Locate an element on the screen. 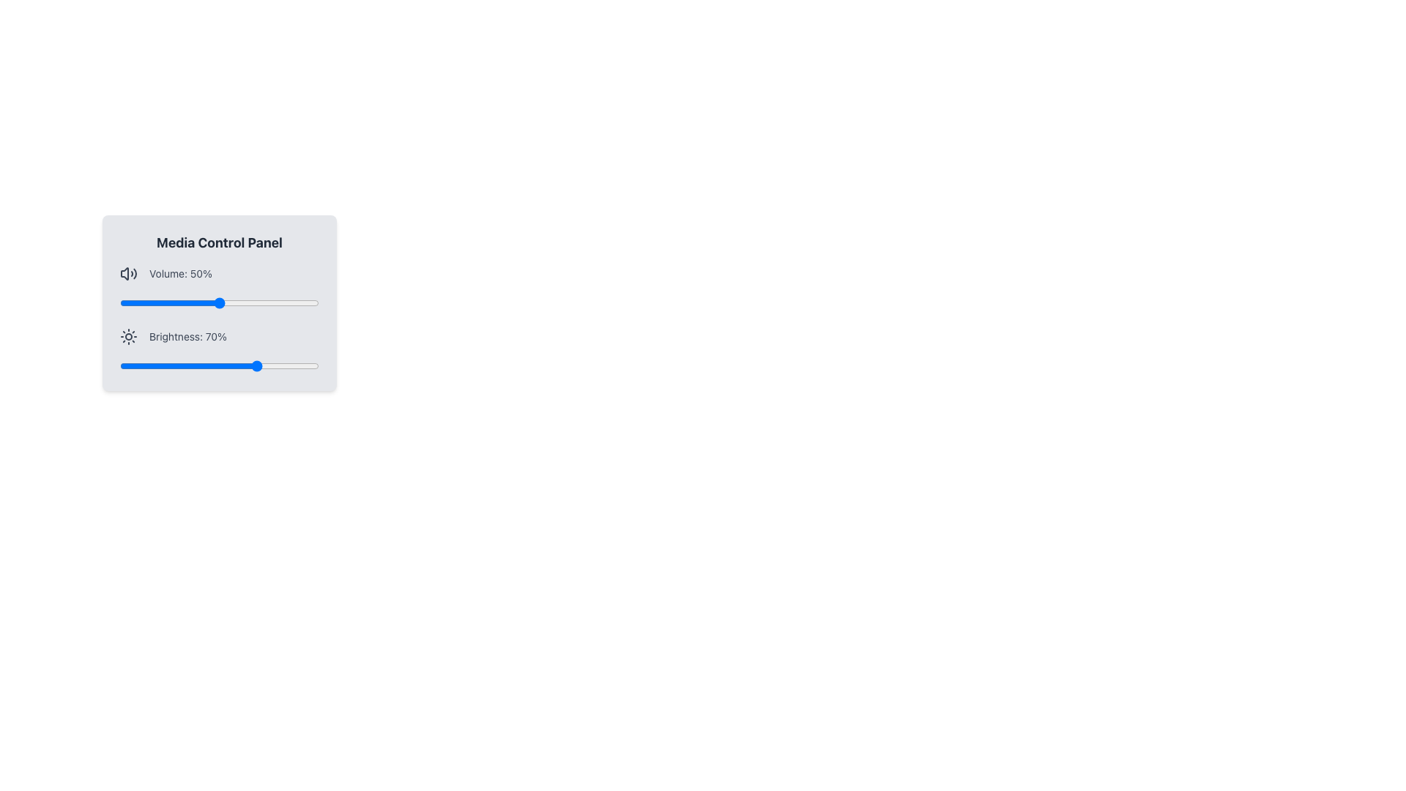 The height and width of the screenshot is (791, 1406). the text label displaying 'Brightness: 70%' which is styled in gray and positioned below the sun icon, indicating its relevance to brightness control is located at coordinates (187, 336).